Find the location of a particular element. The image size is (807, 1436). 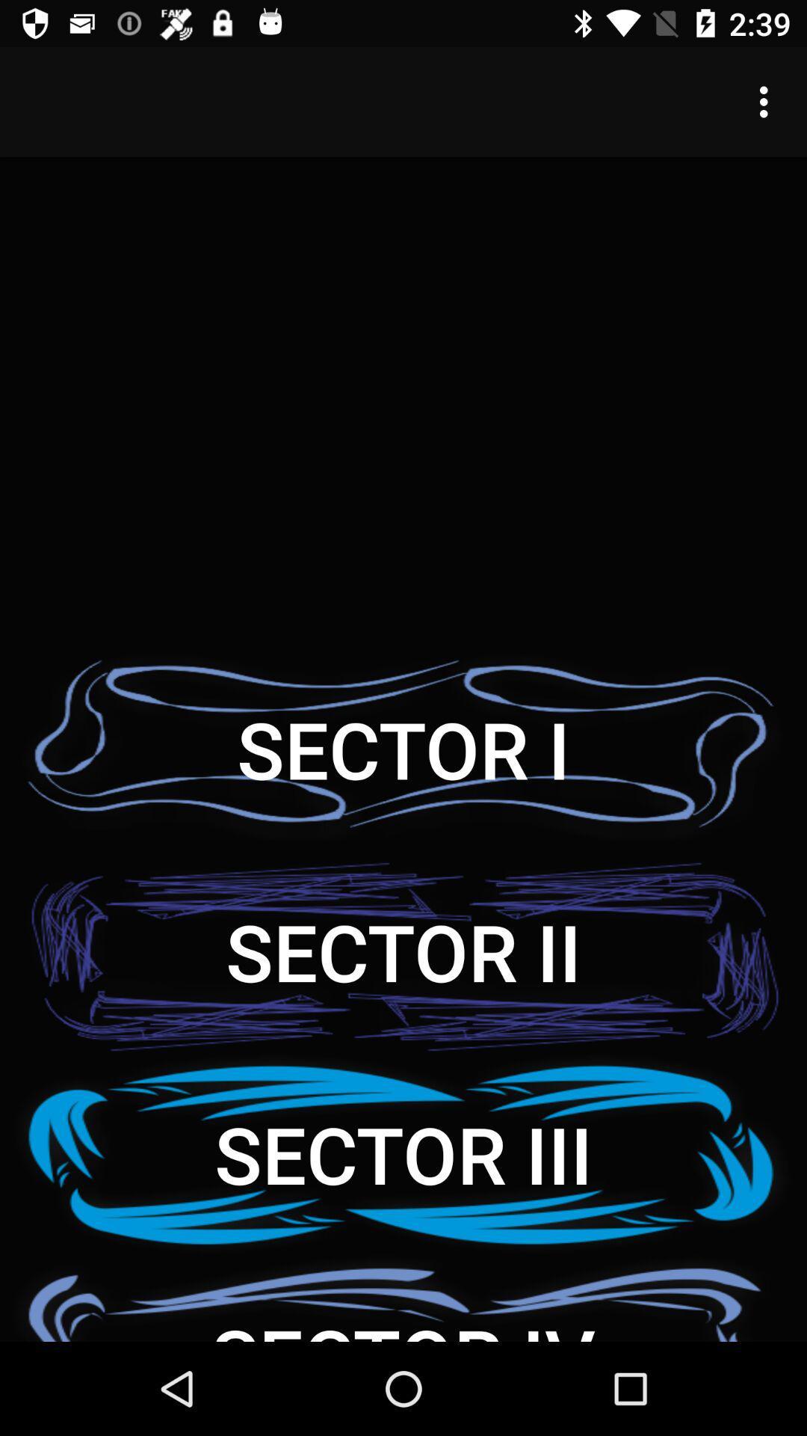

sector ii item is located at coordinates (403, 951).